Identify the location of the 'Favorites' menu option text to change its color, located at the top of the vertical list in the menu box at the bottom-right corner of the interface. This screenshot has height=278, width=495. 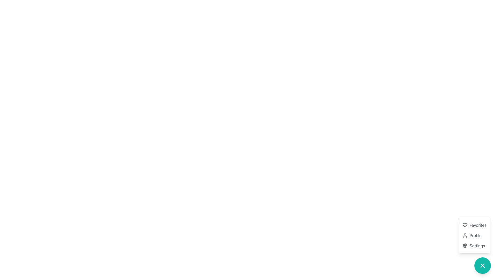
(474, 225).